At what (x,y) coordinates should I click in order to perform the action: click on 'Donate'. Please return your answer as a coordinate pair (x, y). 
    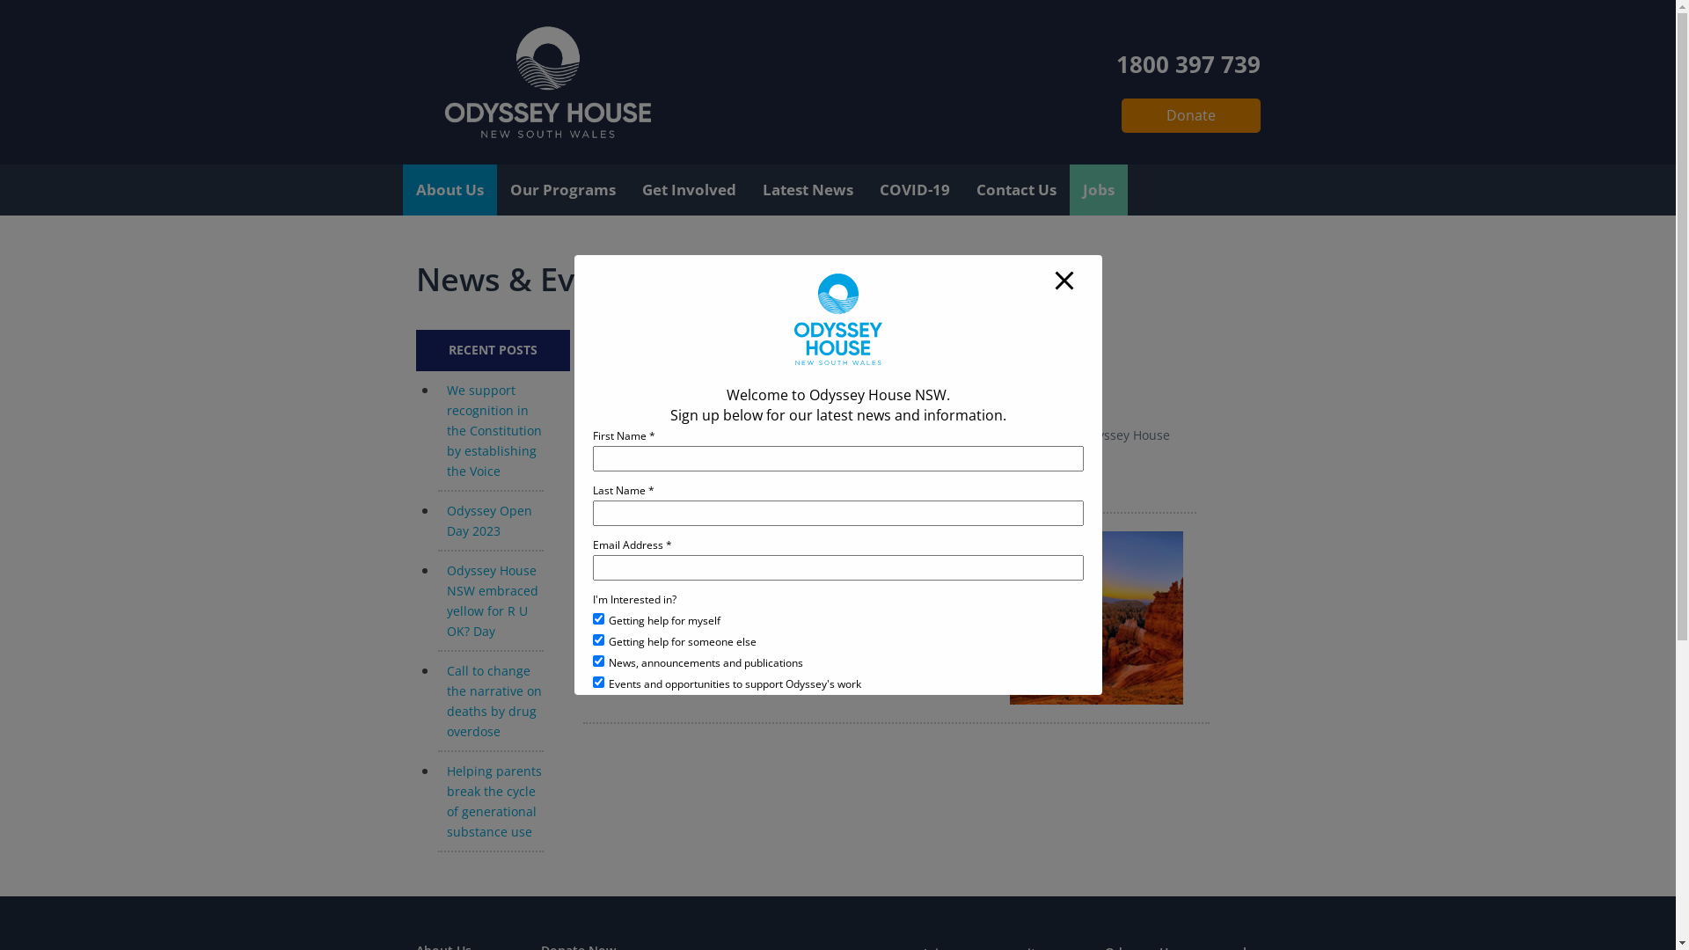
    Looking at the image, I should click on (1190, 115).